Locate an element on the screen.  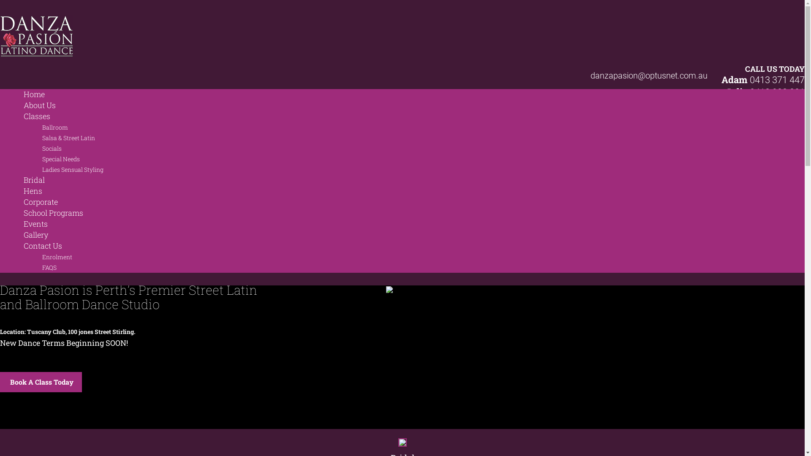
'About Us' is located at coordinates (39, 105).